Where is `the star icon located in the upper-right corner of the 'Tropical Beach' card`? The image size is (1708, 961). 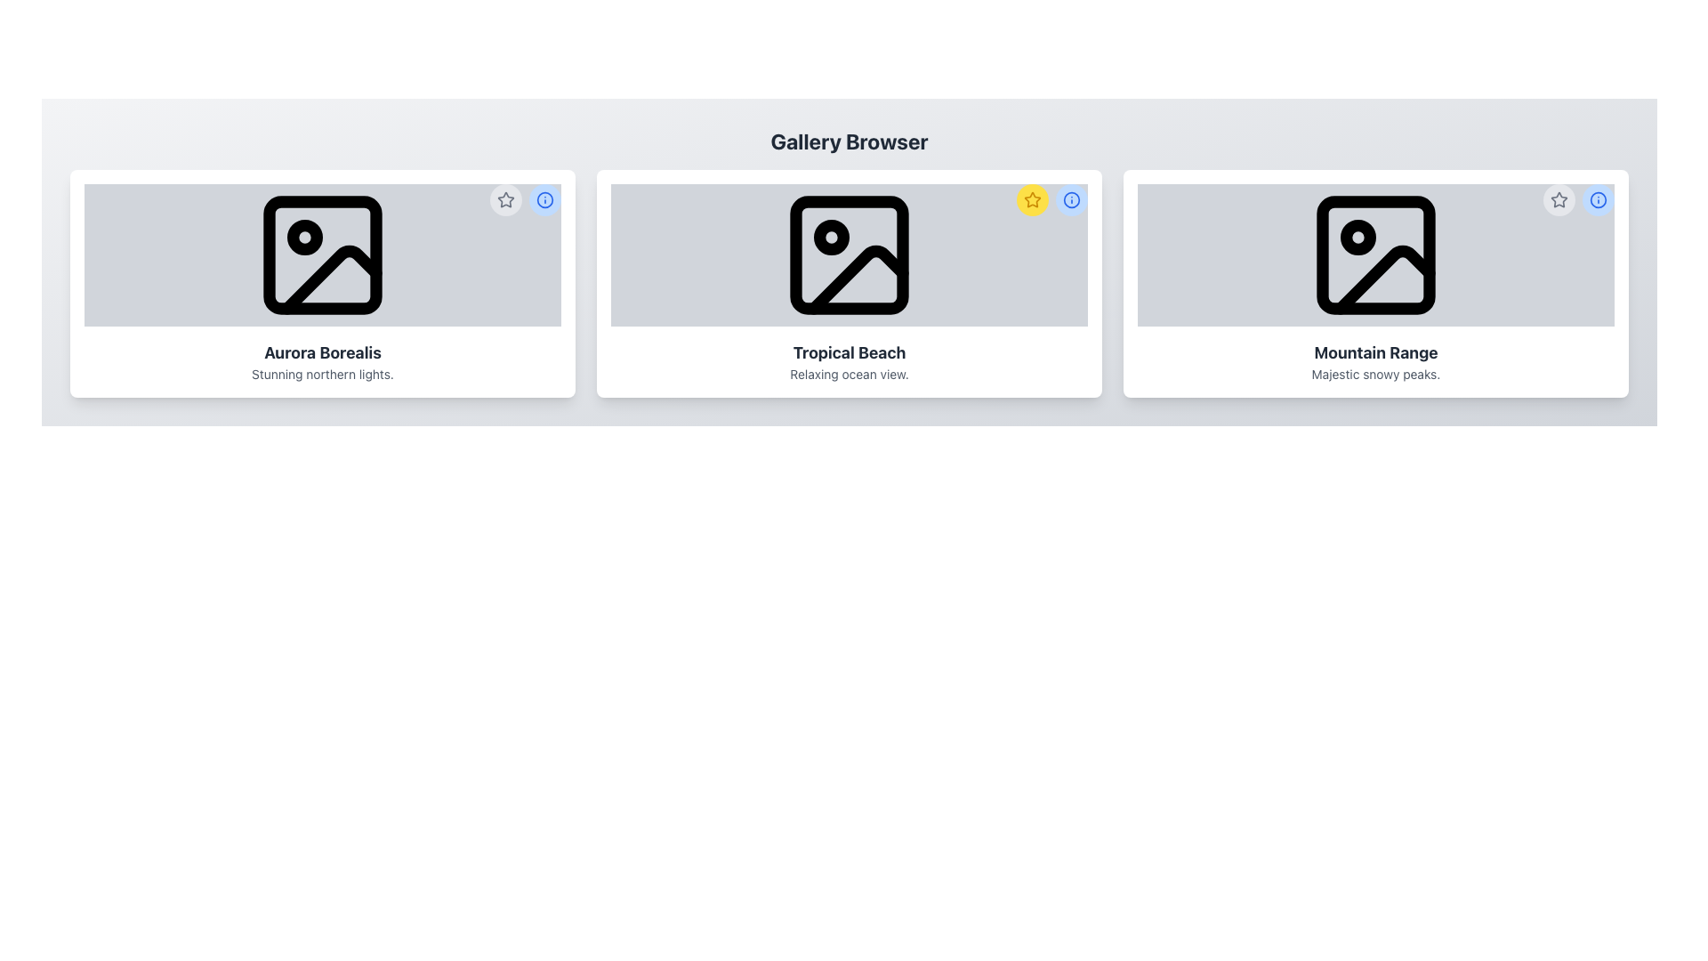
the star icon located in the upper-right corner of the 'Tropical Beach' card is located at coordinates (1033, 199).